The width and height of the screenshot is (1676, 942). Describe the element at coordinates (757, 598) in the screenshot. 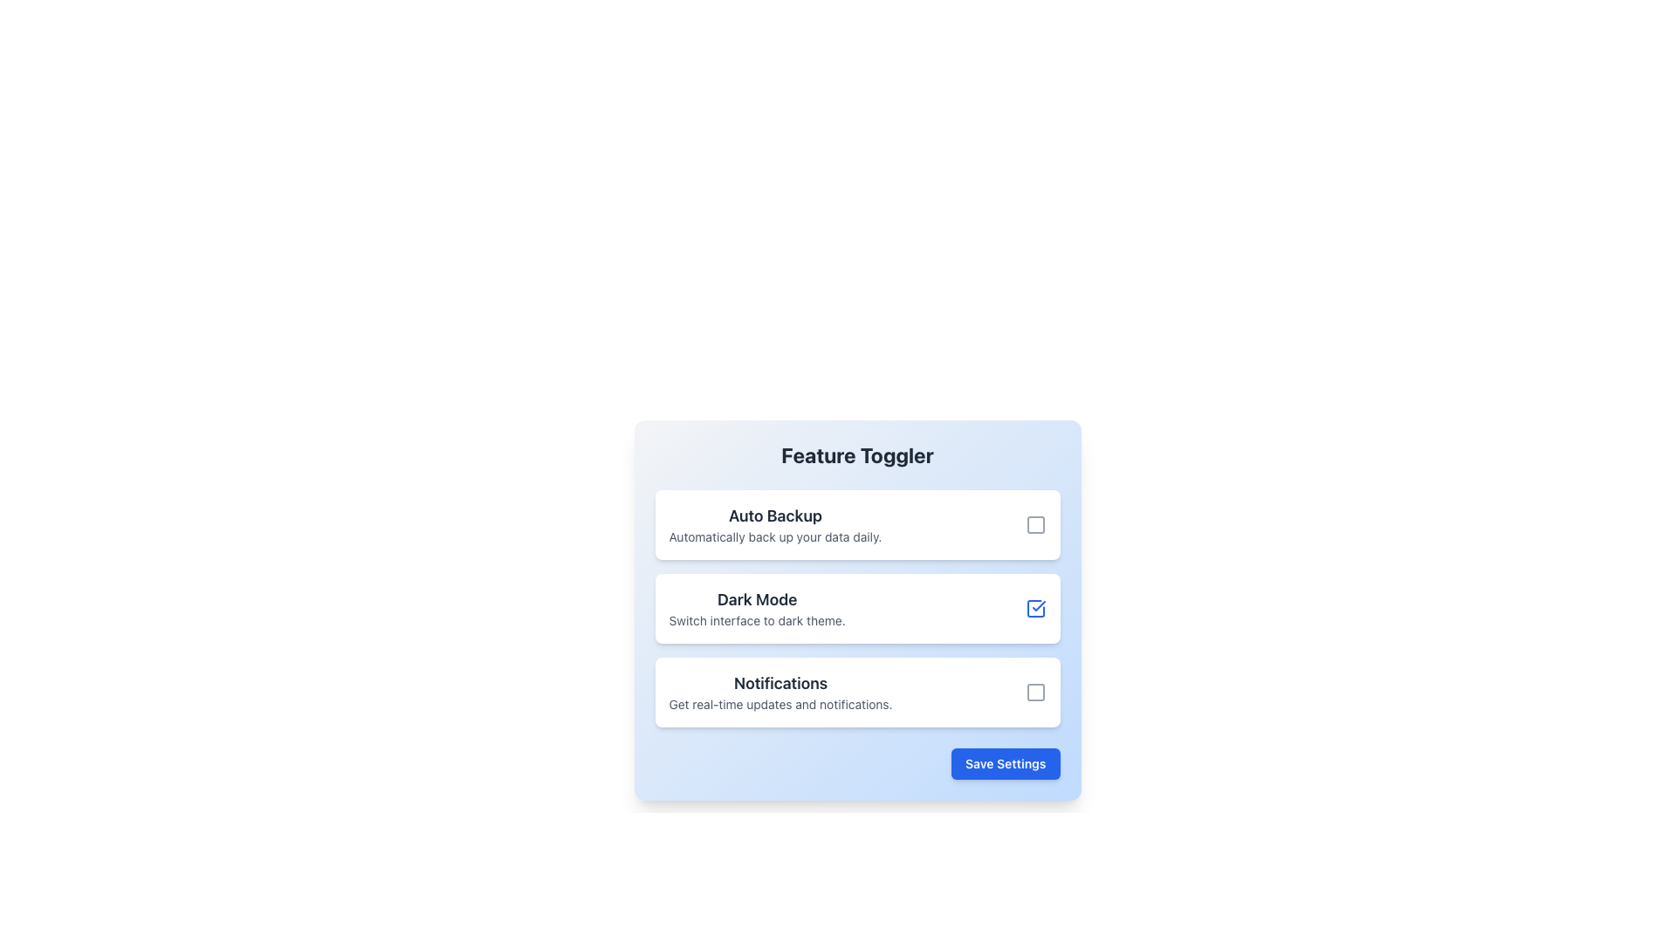

I see `the 'Dark Mode' label, which is a prominently displayed text label in bold and larger font size, styled with a dark gray color, positioned above the descriptive text 'Switch interface to dark theme' in the feature toggler interface` at that location.